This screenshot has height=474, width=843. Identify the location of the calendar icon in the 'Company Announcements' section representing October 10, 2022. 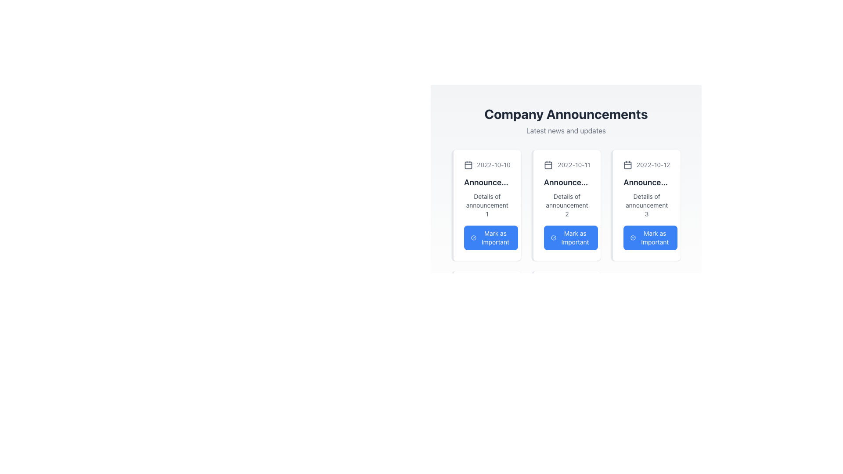
(468, 165).